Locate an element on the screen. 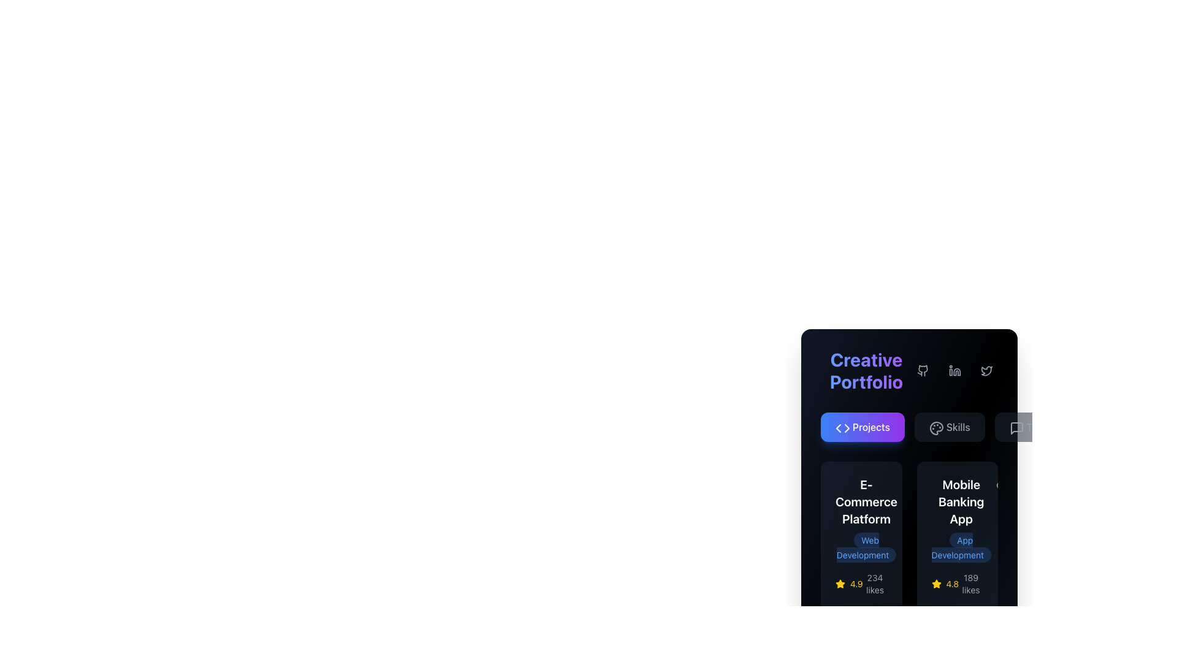 This screenshot has width=1177, height=662. the messaging IconButton located in the top-right corner of the main interface, adjacent to the Skills button is located at coordinates (1016, 427).